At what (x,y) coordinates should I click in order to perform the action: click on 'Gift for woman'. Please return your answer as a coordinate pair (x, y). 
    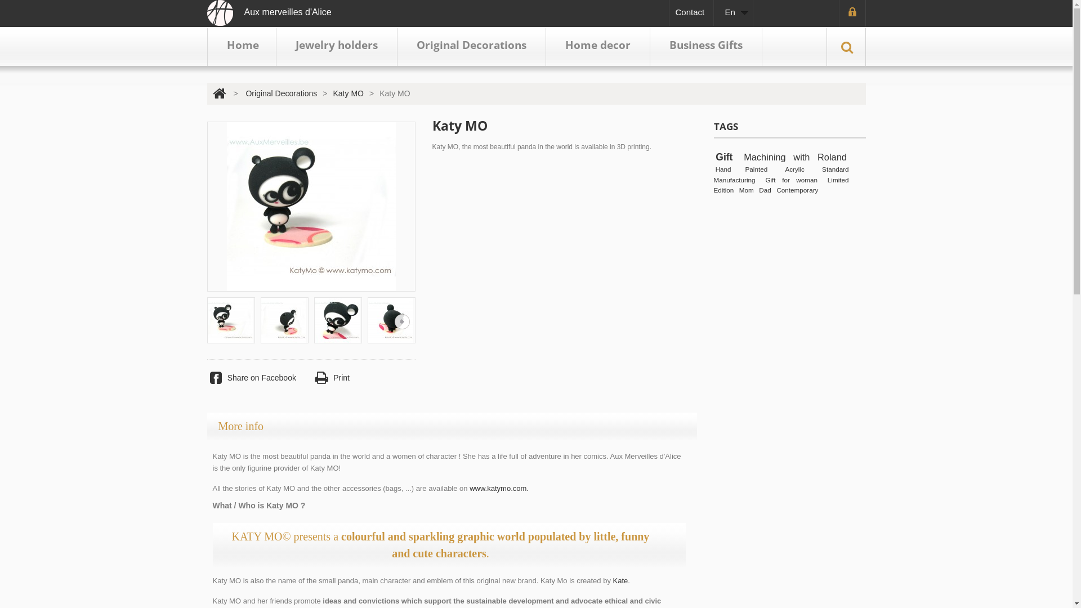
    Looking at the image, I should click on (790, 180).